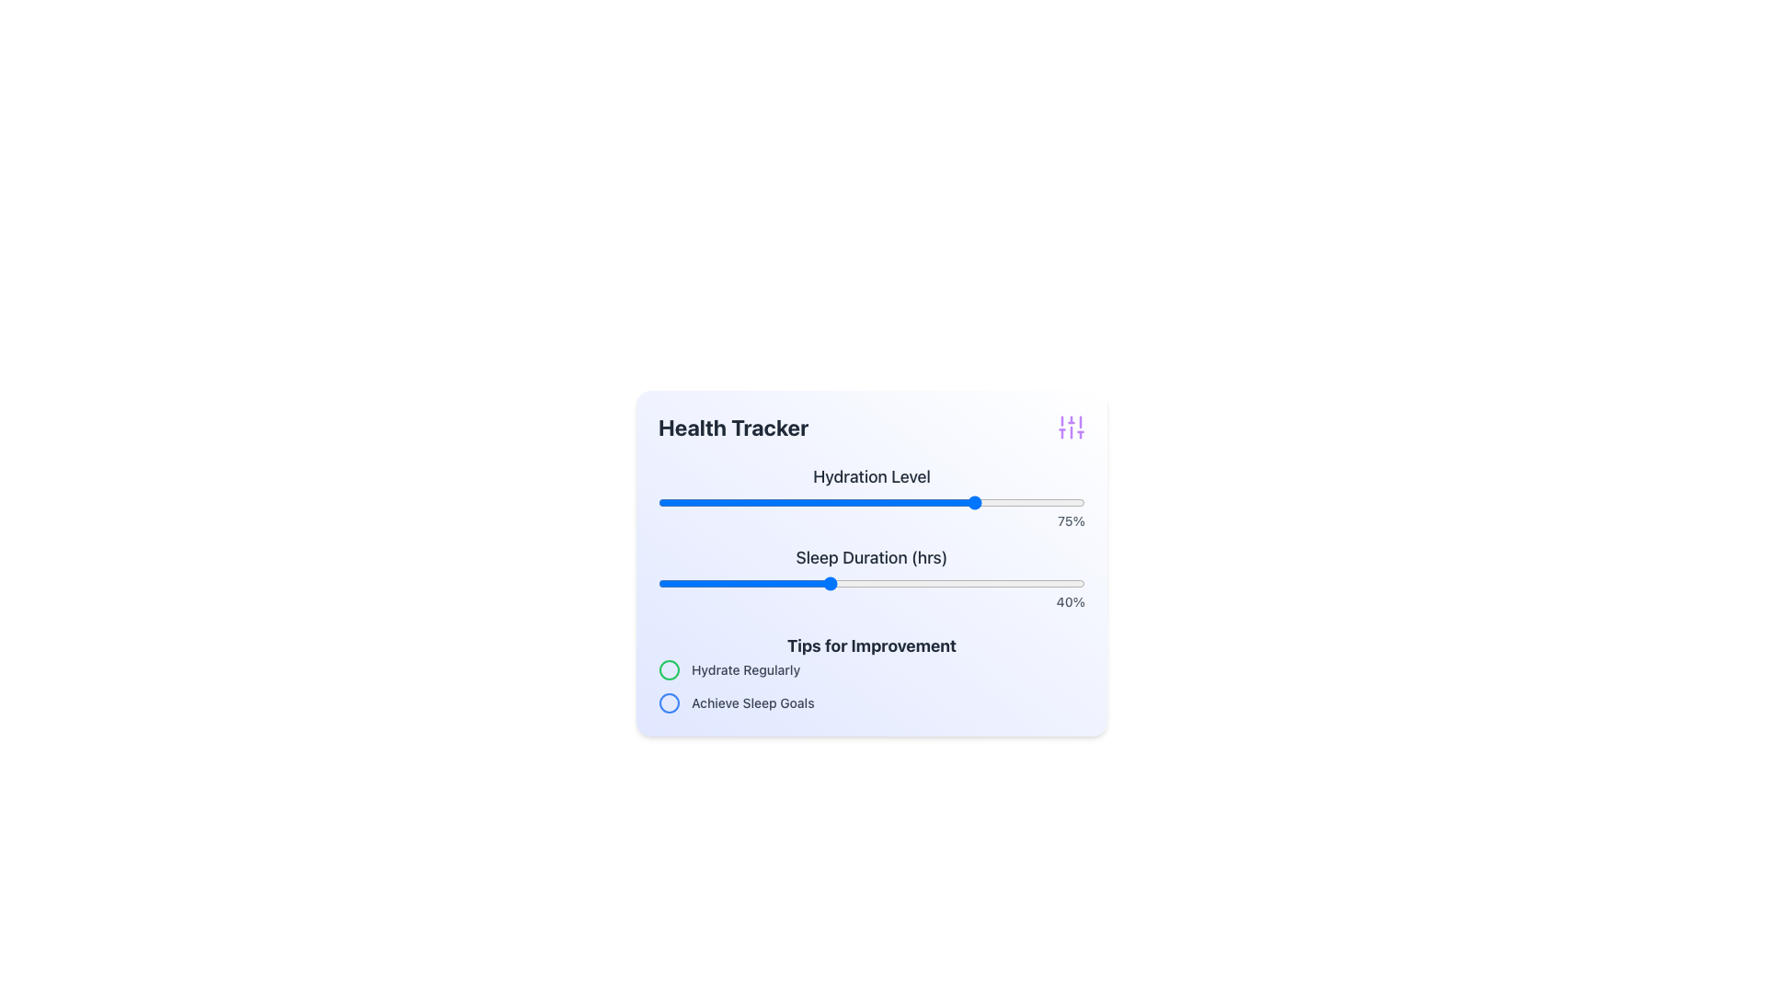 This screenshot has height=993, width=1766. What do you see at coordinates (871, 645) in the screenshot?
I see `text of the section heading label indicating improvement tips, located near the lower-middle section of the interface` at bounding box center [871, 645].